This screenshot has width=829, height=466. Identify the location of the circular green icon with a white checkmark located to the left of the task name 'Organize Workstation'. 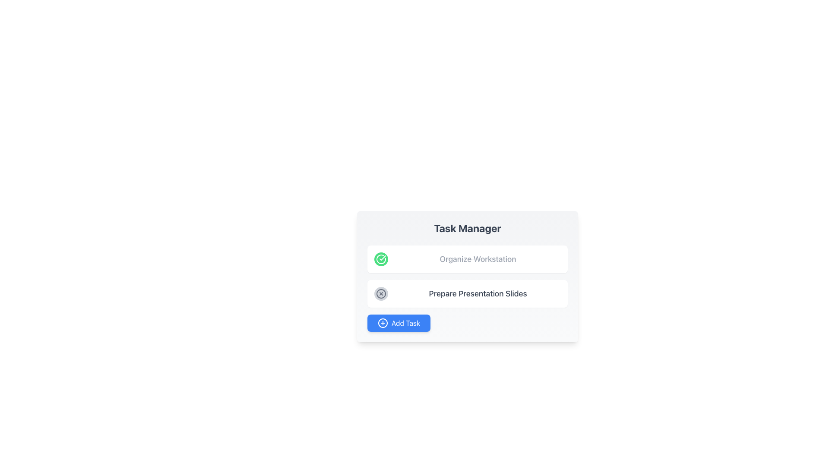
(381, 259).